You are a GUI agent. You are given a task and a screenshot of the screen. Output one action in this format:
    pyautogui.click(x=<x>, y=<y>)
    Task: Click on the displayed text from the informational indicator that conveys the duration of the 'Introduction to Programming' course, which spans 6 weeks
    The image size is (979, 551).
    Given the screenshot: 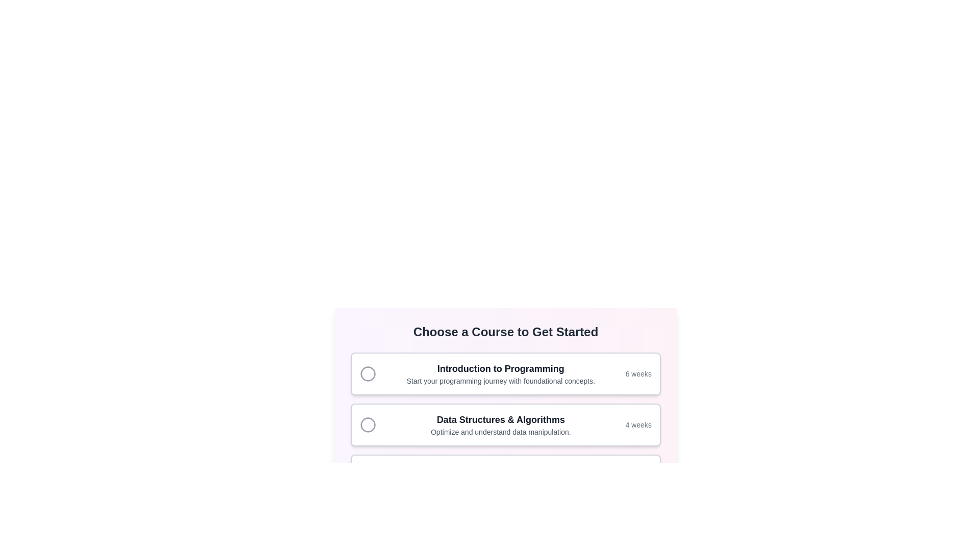 What is the action you would take?
    pyautogui.click(x=638, y=373)
    